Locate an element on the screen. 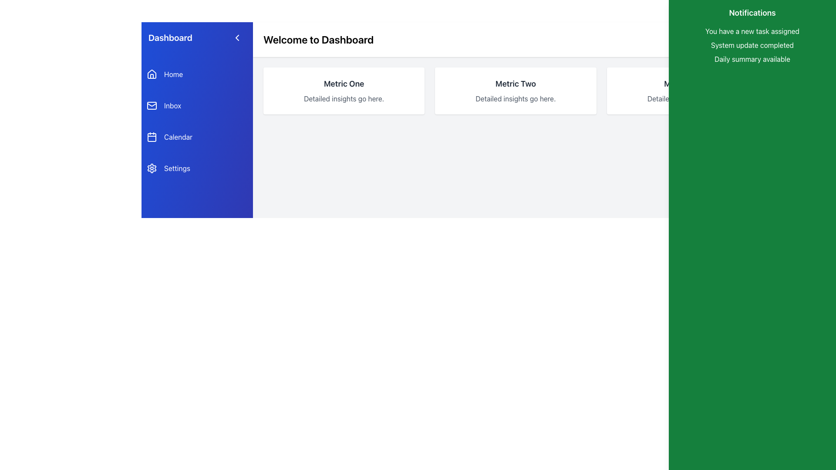 The image size is (836, 470). heading text label located at the top of the second metric card in the series is located at coordinates (516, 84).